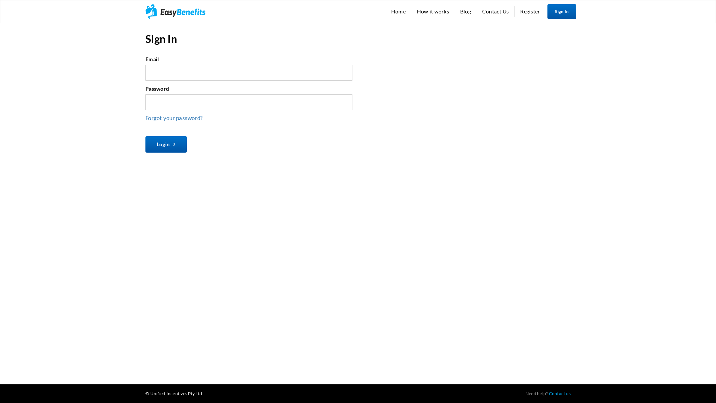 This screenshot has width=716, height=403. What do you see at coordinates (398, 11) in the screenshot?
I see `'Home'` at bounding box center [398, 11].